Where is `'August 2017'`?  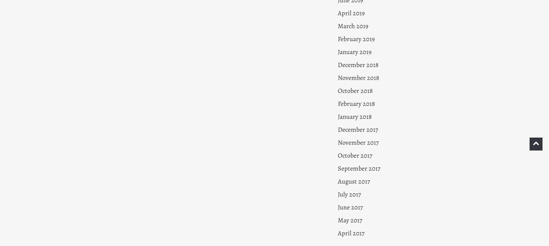 'August 2017' is located at coordinates (353, 181).